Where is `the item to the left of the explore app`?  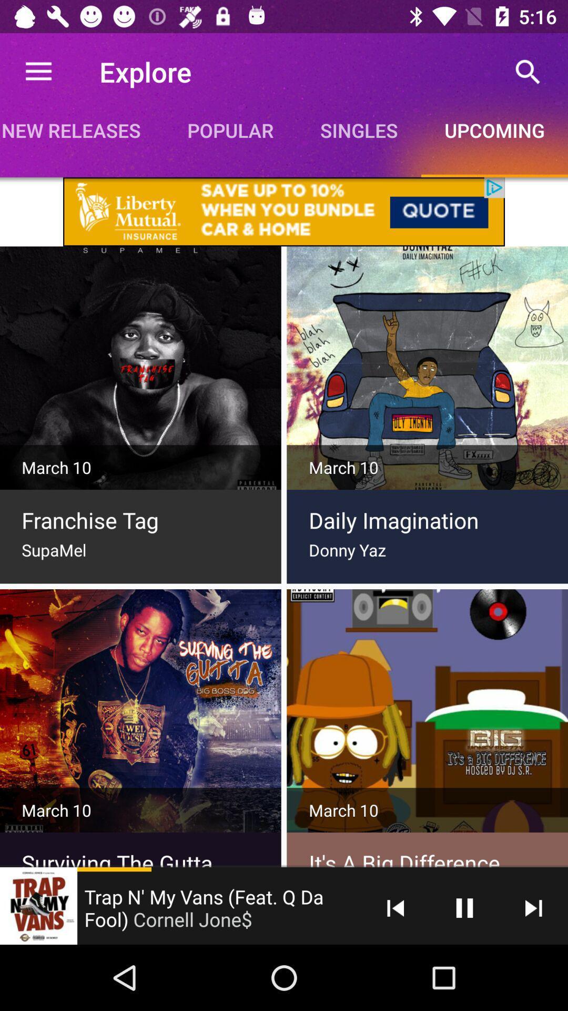 the item to the left of the explore app is located at coordinates (38, 71).